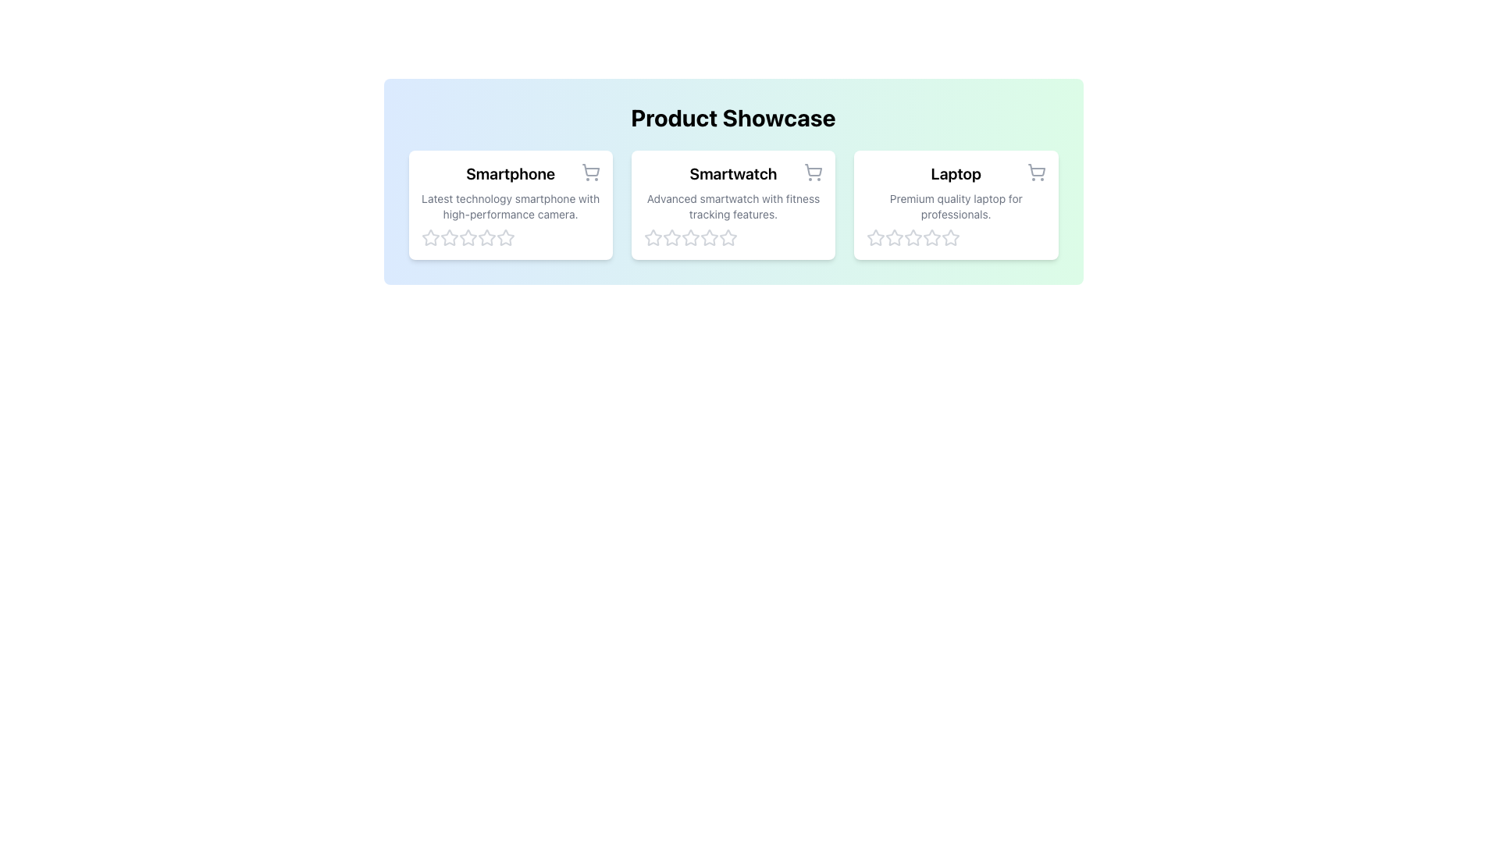 The width and height of the screenshot is (1499, 843). Describe the element at coordinates (671, 237) in the screenshot. I see `the second gray star icon in the rating system within the 'Smartwatch' card to rate it` at that location.